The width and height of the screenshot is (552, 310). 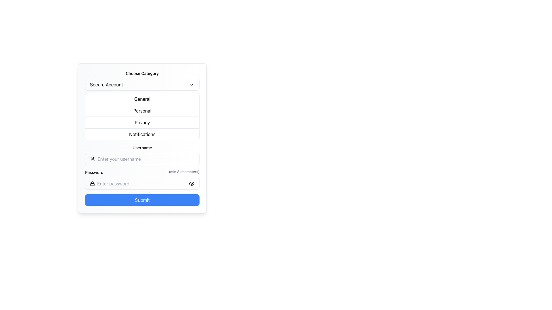 I want to click on the fourth dropdown menu element located just below the category dropdown list, so click(x=142, y=138).